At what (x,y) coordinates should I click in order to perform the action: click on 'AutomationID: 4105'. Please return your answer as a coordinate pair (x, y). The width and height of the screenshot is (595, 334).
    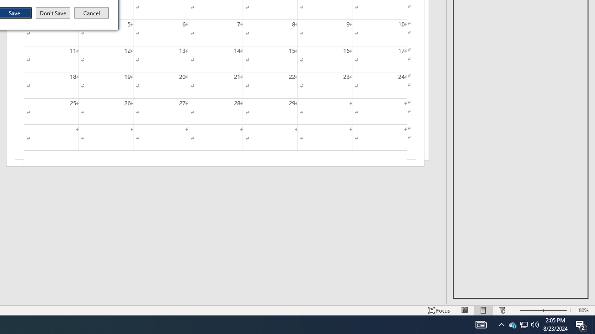
    Looking at the image, I should click on (481, 324).